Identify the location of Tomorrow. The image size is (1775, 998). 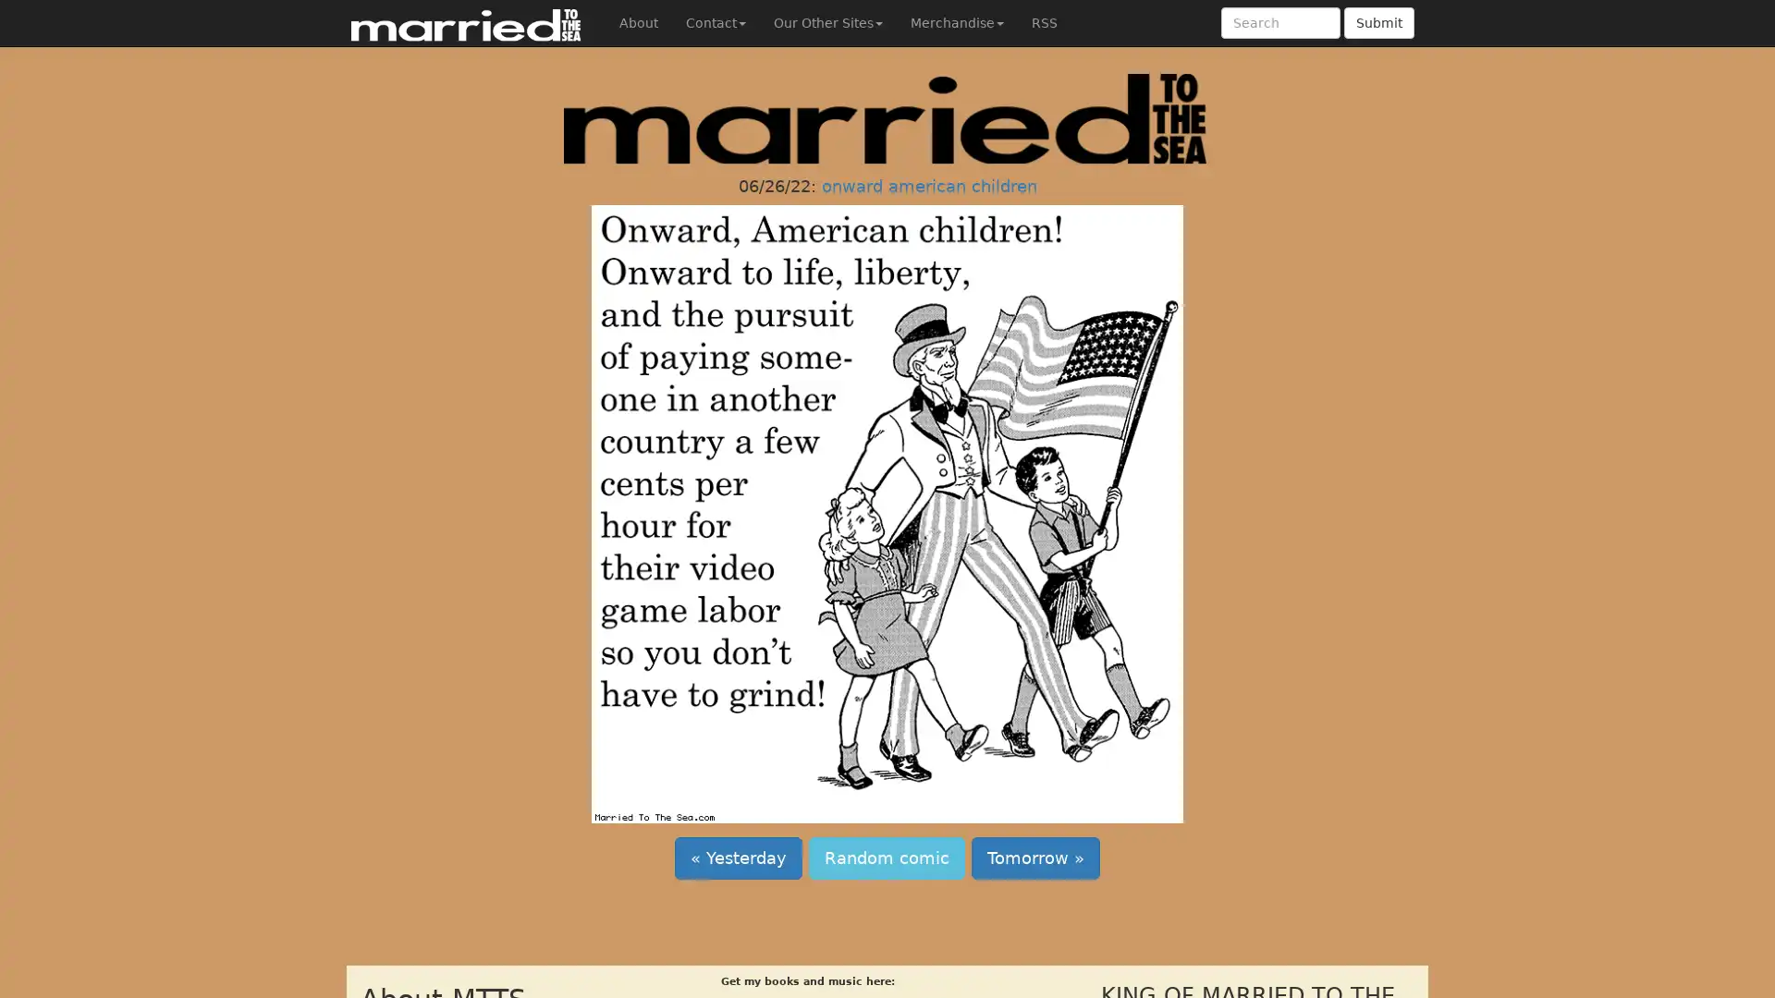
(1035, 858).